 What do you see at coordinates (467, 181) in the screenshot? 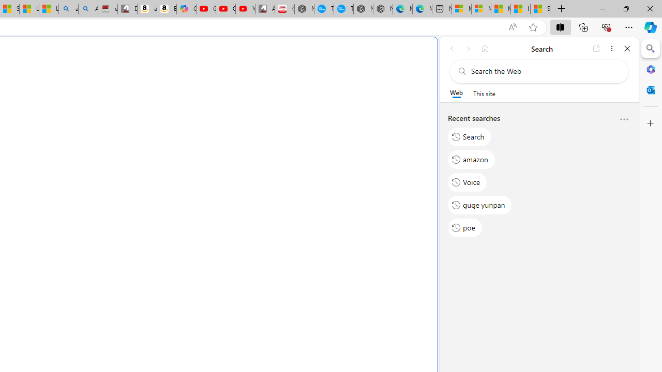
I see `'Voice'` at bounding box center [467, 181].